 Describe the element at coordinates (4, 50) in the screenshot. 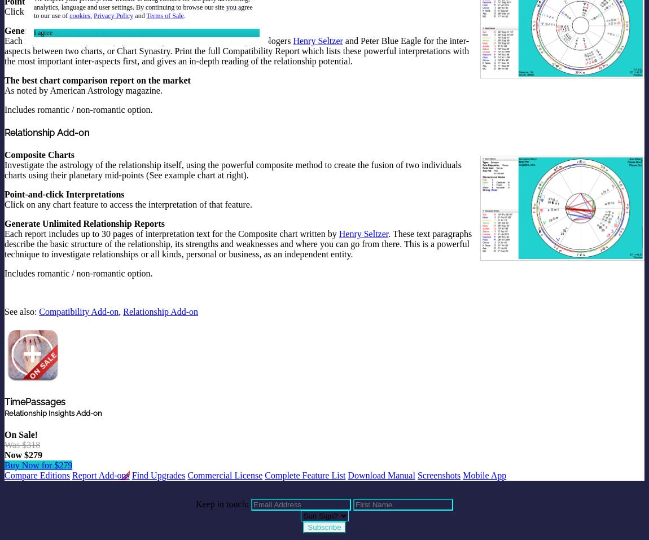

I see `'and Peter Blue Eagle for the inter-aspects between two charts, or Chart Synastry. Print the full Compatibility Report which lists these powerful interpretations with the most important inter-aspects first, and gives an in-depth reading of the relationship potential.'` at that location.